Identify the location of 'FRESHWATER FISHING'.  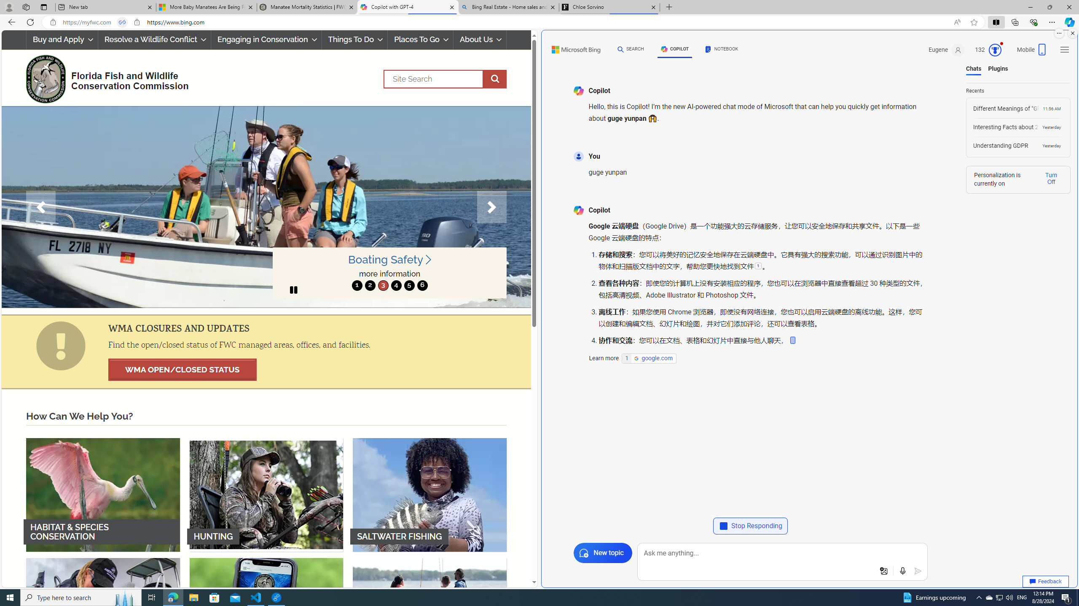
(103, 606).